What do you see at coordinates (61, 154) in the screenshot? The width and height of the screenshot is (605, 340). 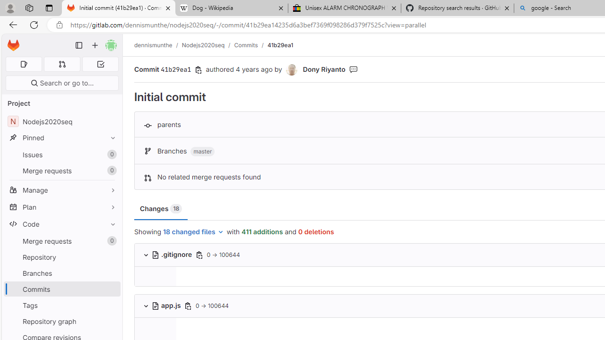 I see `'Issues 0'` at bounding box center [61, 154].